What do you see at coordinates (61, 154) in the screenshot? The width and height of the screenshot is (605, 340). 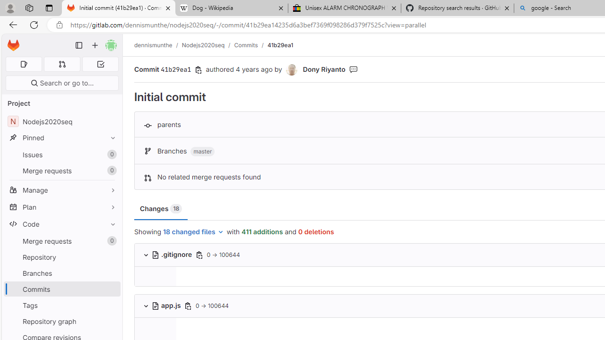 I see `'Issues 0'` at bounding box center [61, 154].